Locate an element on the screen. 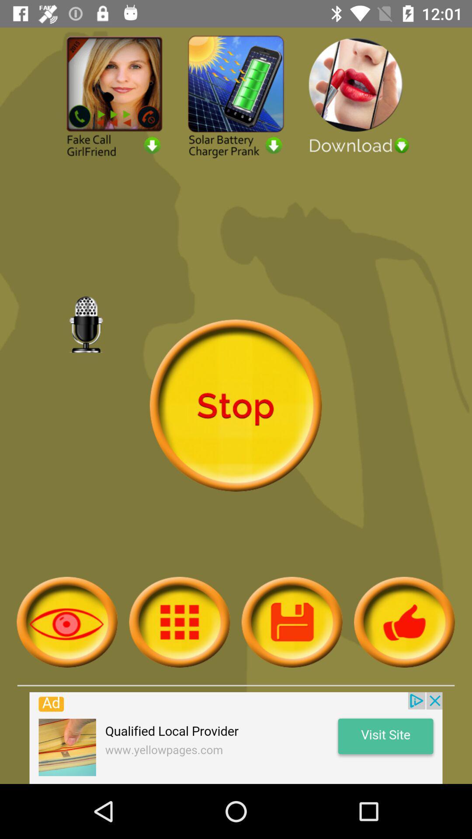 The image size is (472, 839). download app is located at coordinates (357, 96).